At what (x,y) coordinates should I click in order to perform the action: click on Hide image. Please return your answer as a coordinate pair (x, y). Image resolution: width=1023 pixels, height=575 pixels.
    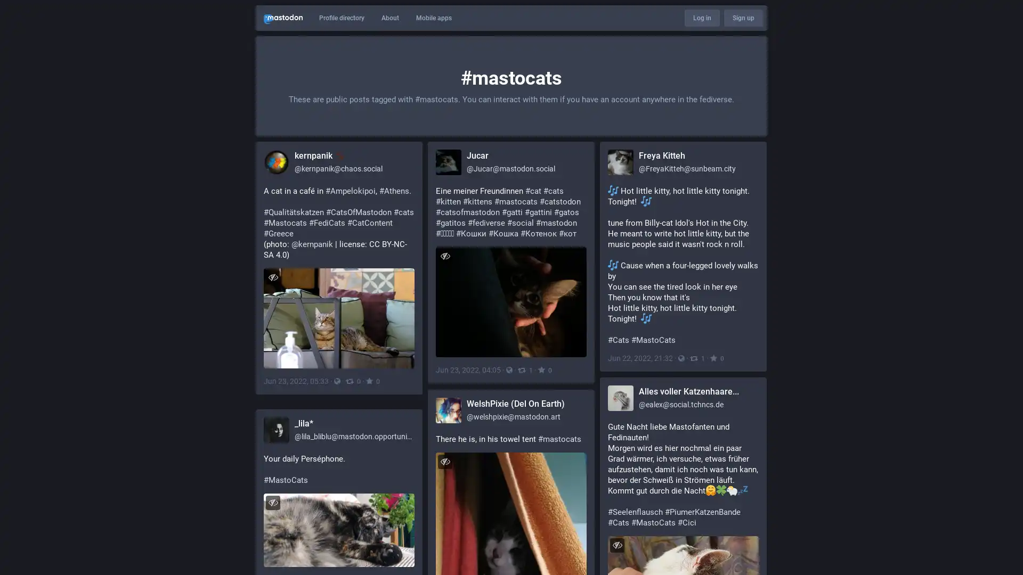
    Looking at the image, I should click on (445, 256).